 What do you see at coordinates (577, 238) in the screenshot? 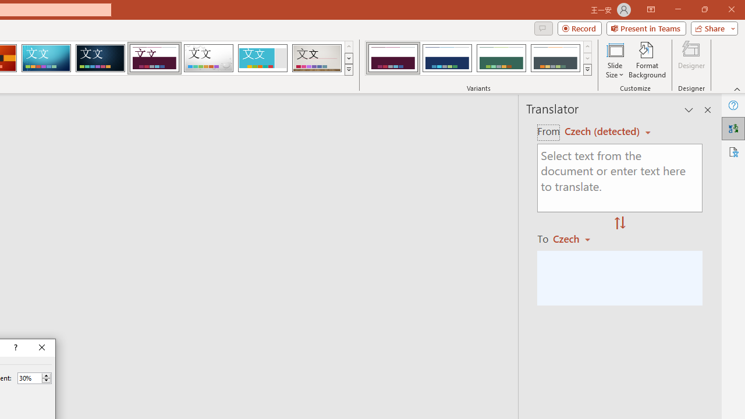
I see `'Czech'` at bounding box center [577, 238].